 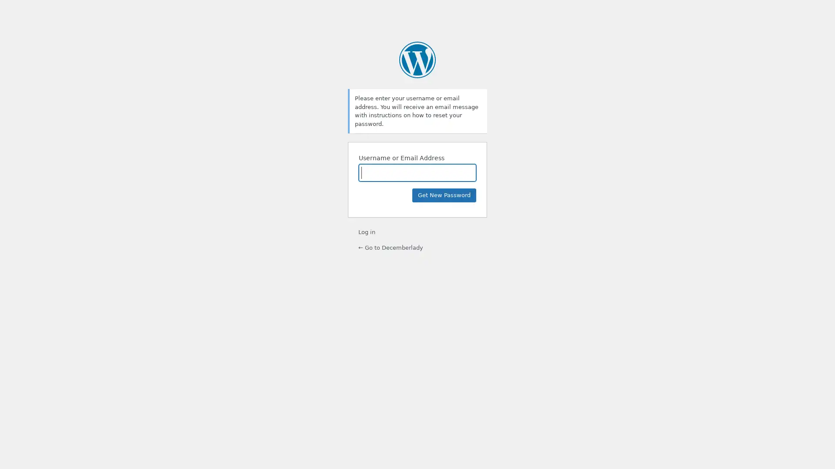 I want to click on Get New Password, so click(x=444, y=195).